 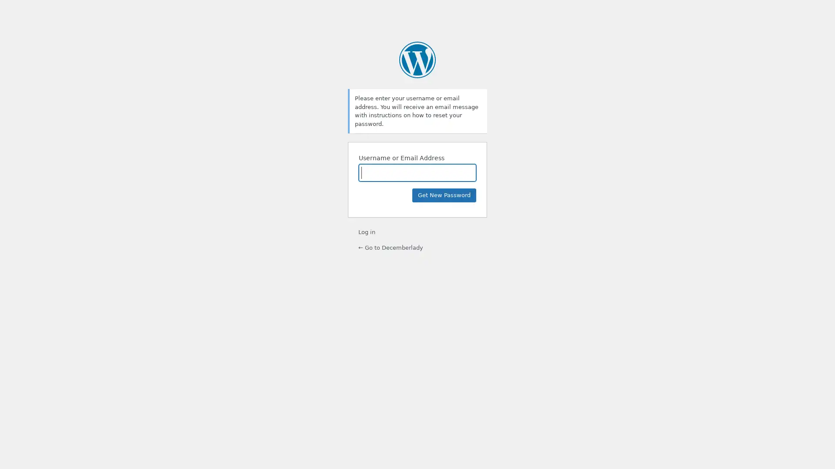 I want to click on Get New Password, so click(x=444, y=195).